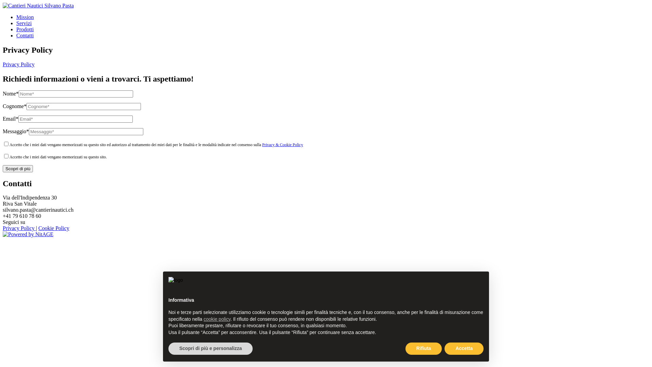 The width and height of the screenshot is (652, 367). I want to click on 'cookie policy', so click(203, 319).